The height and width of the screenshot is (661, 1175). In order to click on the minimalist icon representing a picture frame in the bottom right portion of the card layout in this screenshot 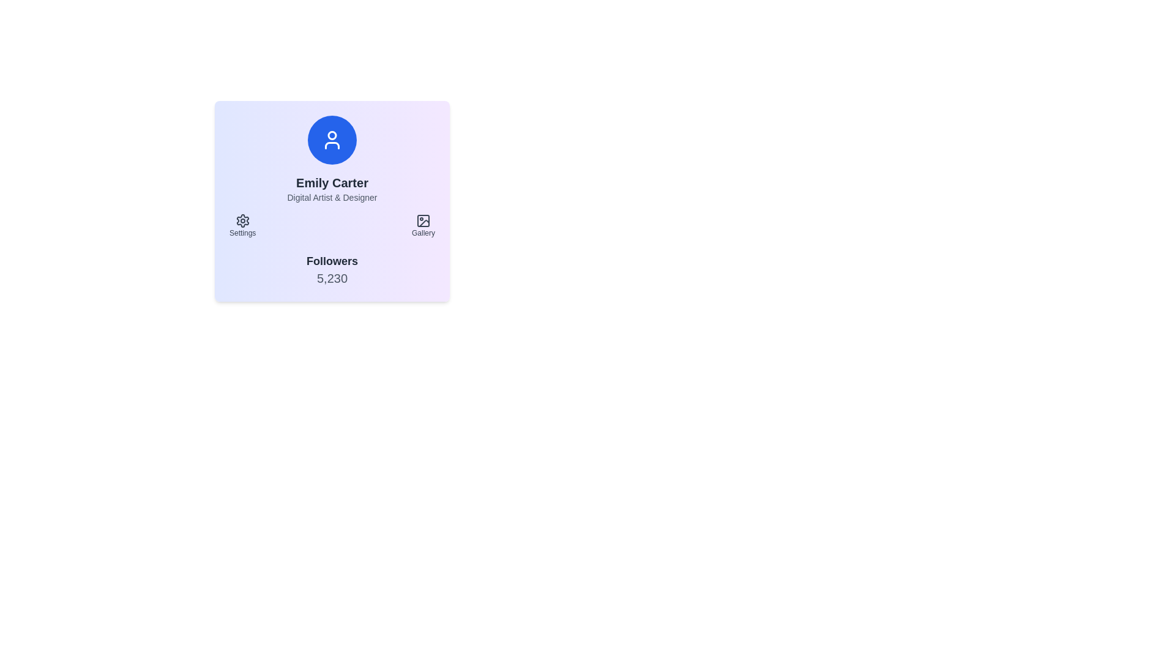, I will do `click(423, 221)`.